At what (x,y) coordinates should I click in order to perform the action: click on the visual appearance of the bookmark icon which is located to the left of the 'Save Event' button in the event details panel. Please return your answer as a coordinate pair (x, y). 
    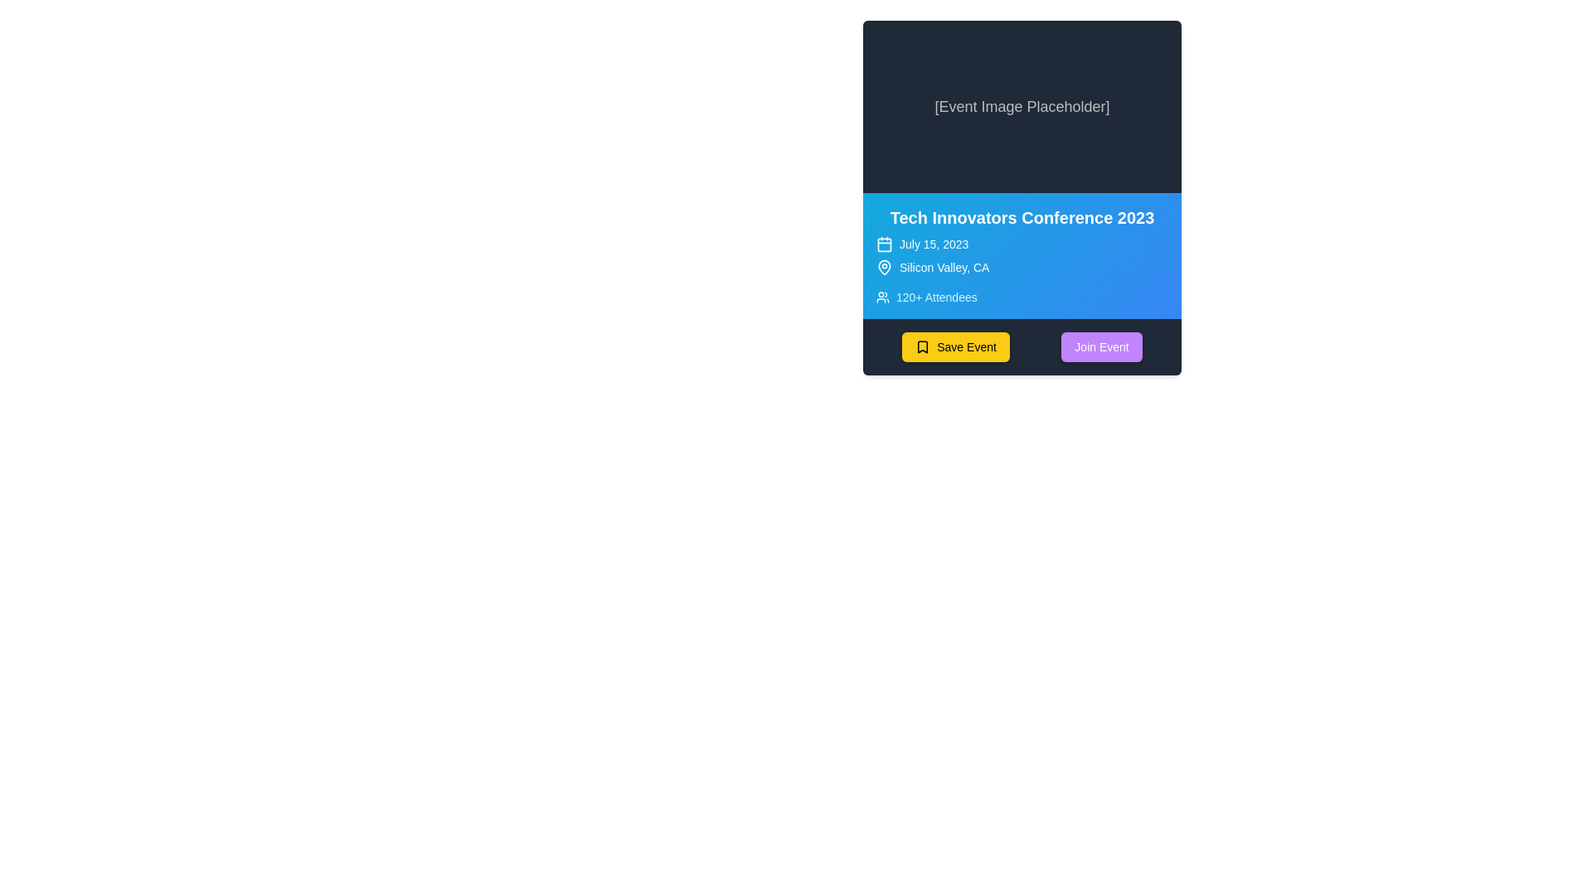
    Looking at the image, I should click on (922, 346).